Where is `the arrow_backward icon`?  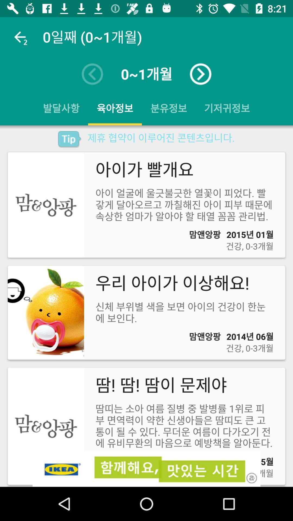
the arrow_backward icon is located at coordinates (92, 74).